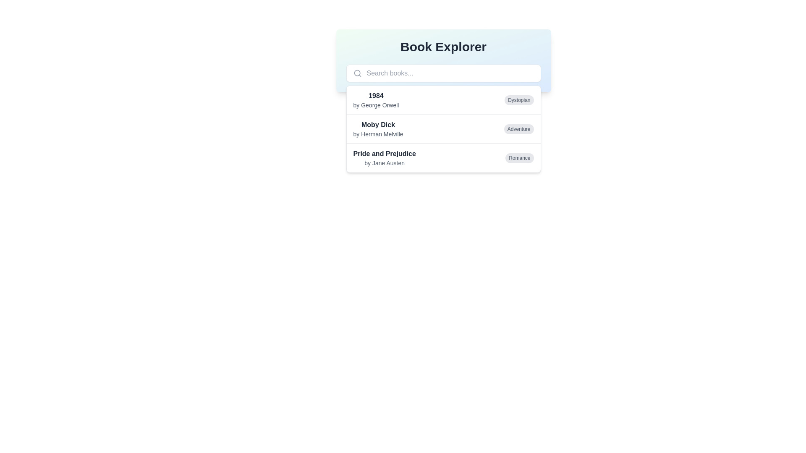 The height and width of the screenshot is (453, 806). What do you see at coordinates (384, 154) in the screenshot?
I see `the text label displaying the title 'Pride and Prejudice' in the list item` at bounding box center [384, 154].